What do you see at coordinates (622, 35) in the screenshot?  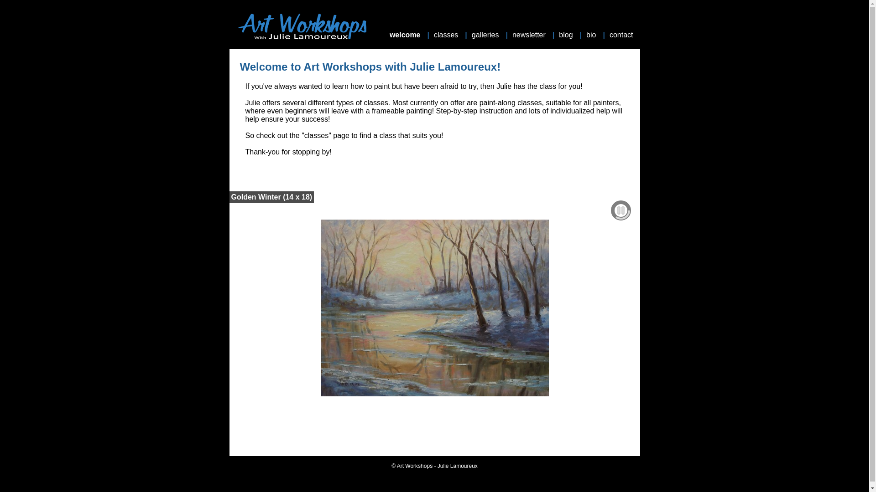 I see `'contact'` at bounding box center [622, 35].